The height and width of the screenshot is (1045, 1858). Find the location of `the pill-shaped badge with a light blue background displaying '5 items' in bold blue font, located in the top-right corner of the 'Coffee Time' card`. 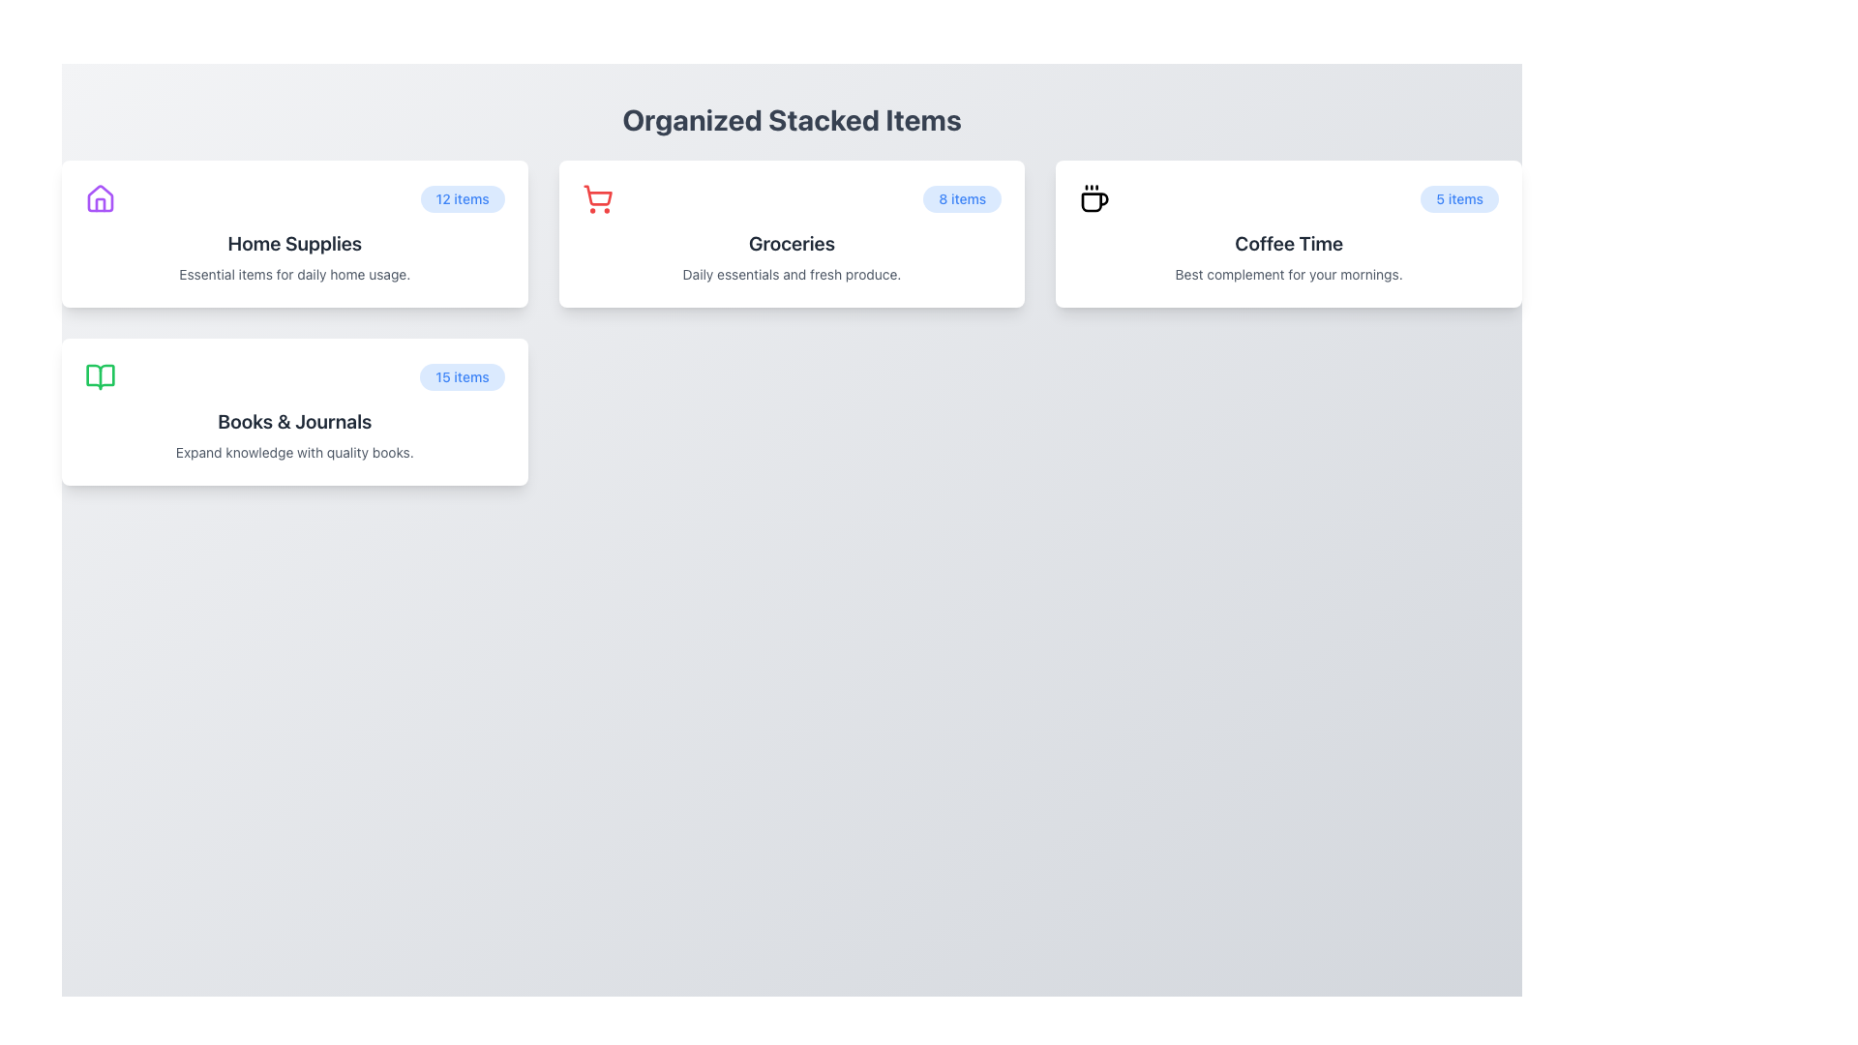

the pill-shaped badge with a light blue background displaying '5 items' in bold blue font, located in the top-right corner of the 'Coffee Time' card is located at coordinates (1459, 198).